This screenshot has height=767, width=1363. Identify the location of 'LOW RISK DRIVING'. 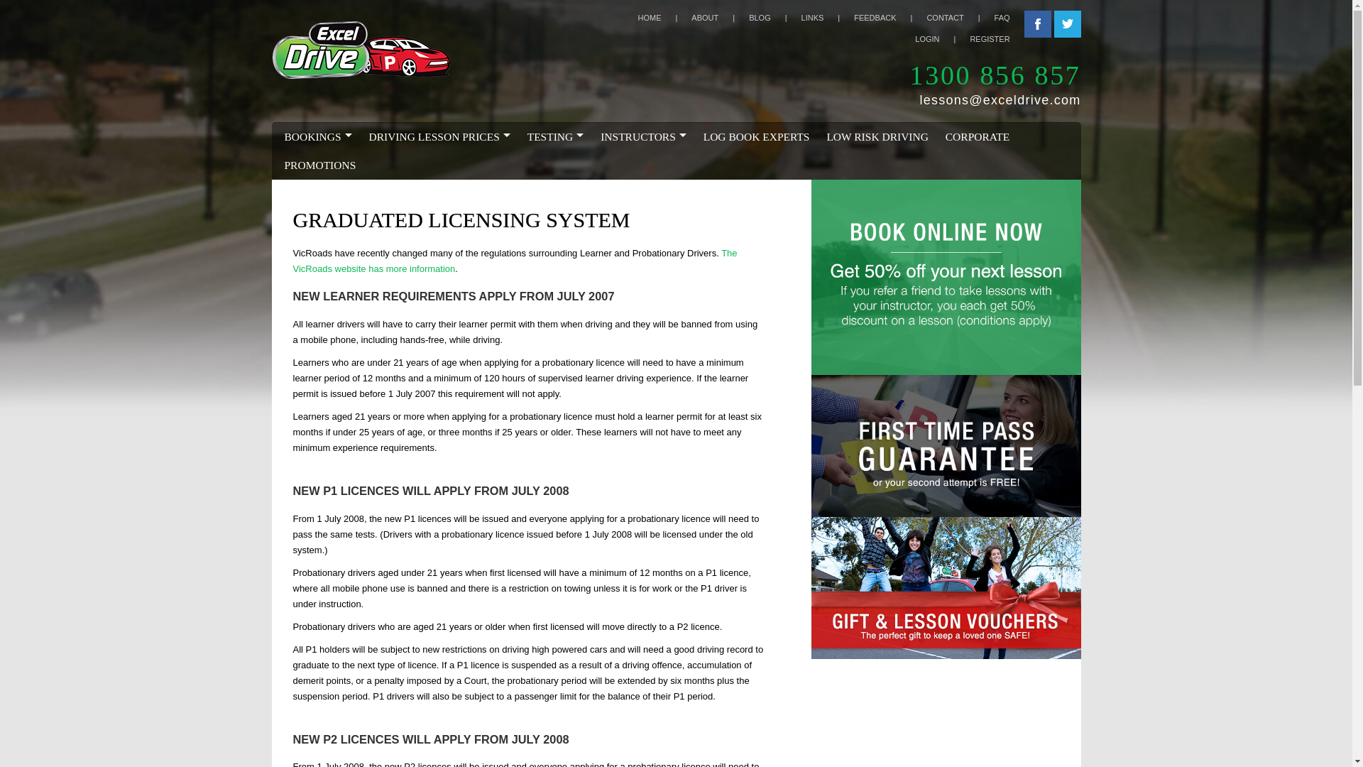
(877, 136).